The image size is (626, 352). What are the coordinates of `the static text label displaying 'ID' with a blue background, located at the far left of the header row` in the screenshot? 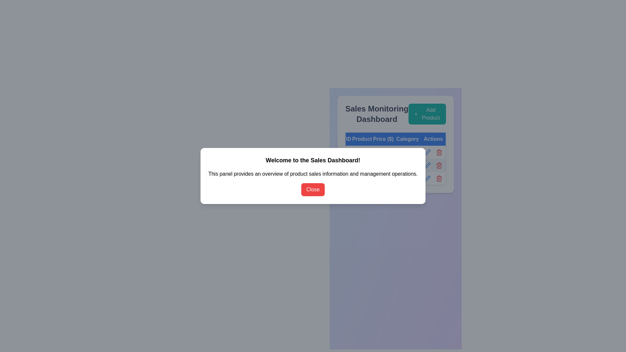 It's located at (348, 139).